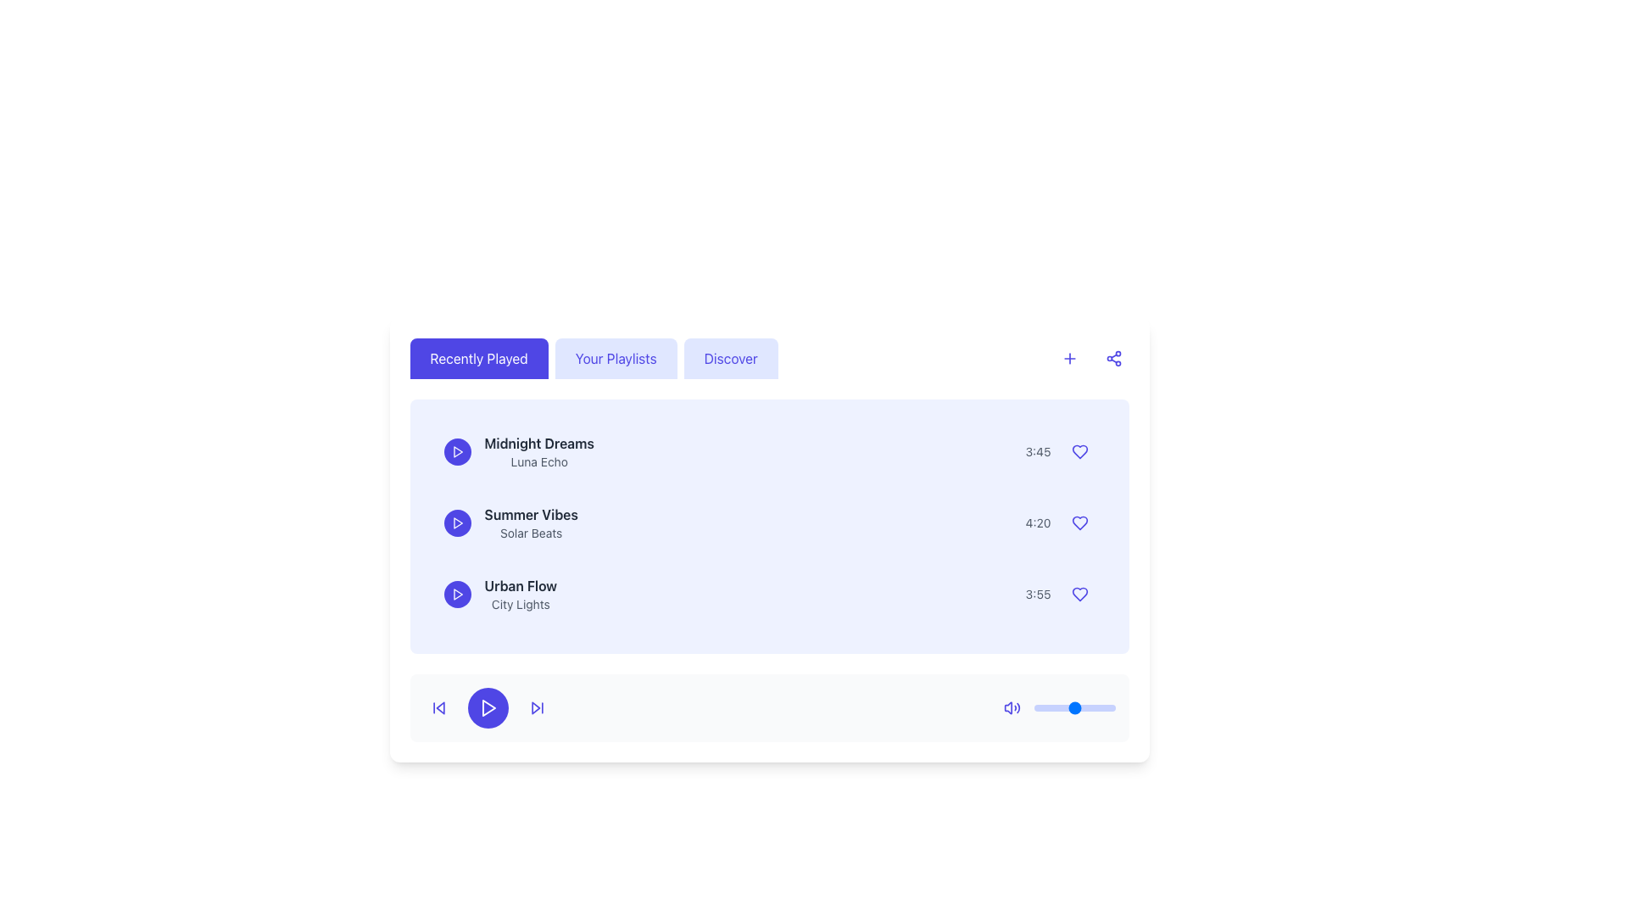  I want to click on the action icon button located in the top-right corner of a prominent card-like section, so click(1068, 358).